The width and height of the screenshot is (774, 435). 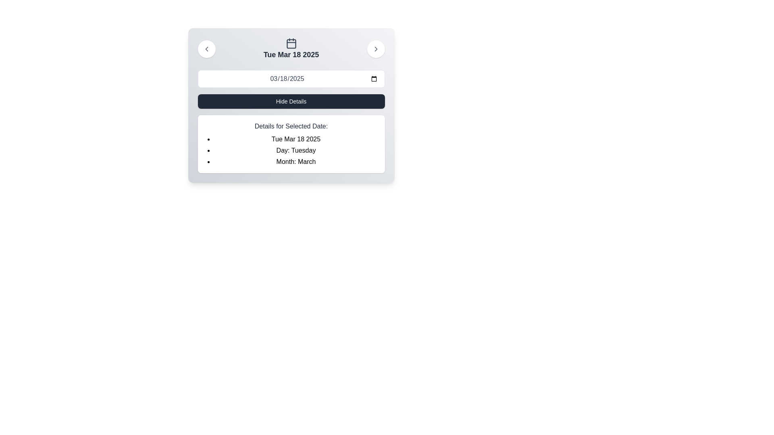 I want to click on the light gray rectangle within the calendar icon, which is located at the center part of the calendar layout, so click(x=291, y=44).